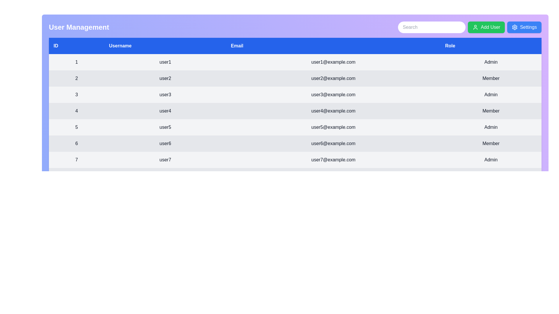  I want to click on the row corresponding to 1, so click(295, 62).